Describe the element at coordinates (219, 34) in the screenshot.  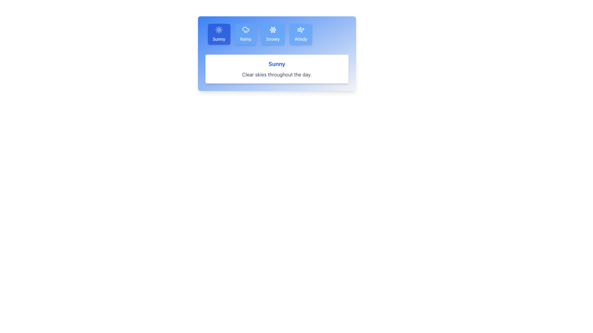
I see `the first button on the far-left side of the weather selection group` at that location.